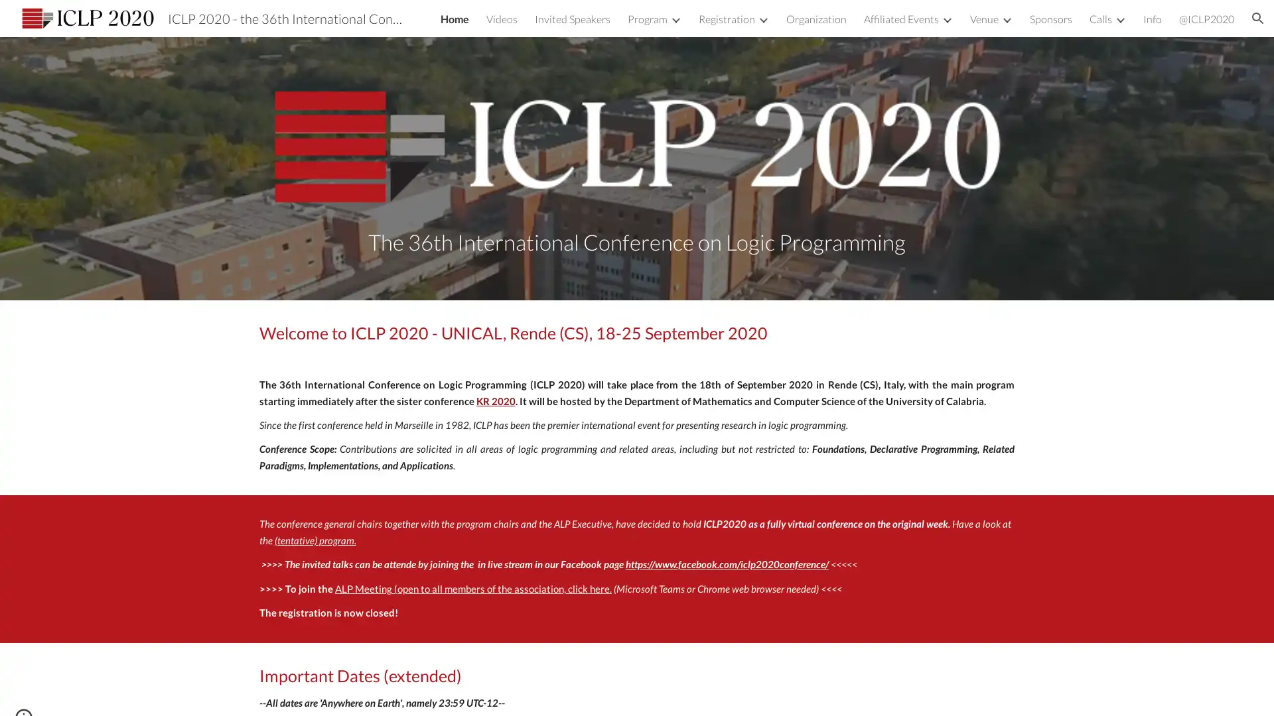 The width and height of the screenshot is (1274, 716). Describe the element at coordinates (476, 675) in the screenshot. I see `Copy heading link` at that location.